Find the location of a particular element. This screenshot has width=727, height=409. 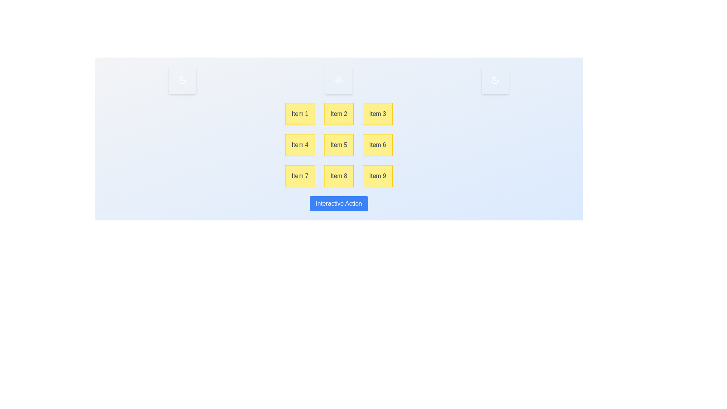

the static text label displaying 'Item 8', which is located in the third row and second column of a grid layout is located at coordinates (338, 176).